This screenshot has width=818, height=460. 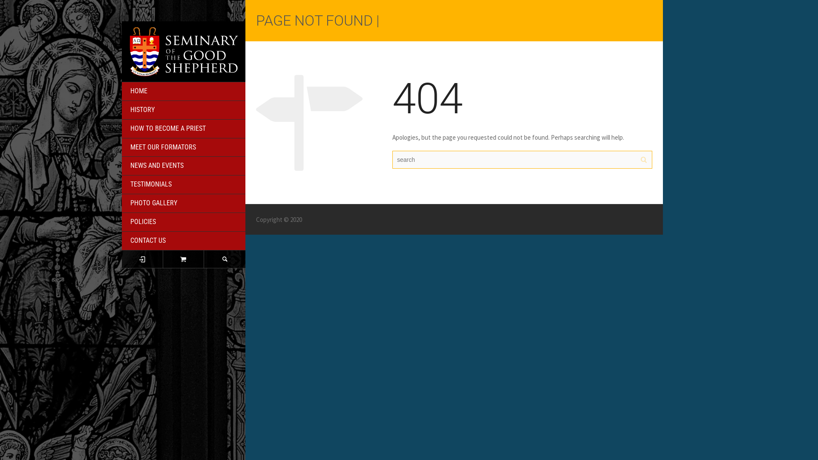 What do you see at coordinates (121, 204) in the screenshot?
I see `'PHOTO GALLERY'` at bounding box center [121, 204].